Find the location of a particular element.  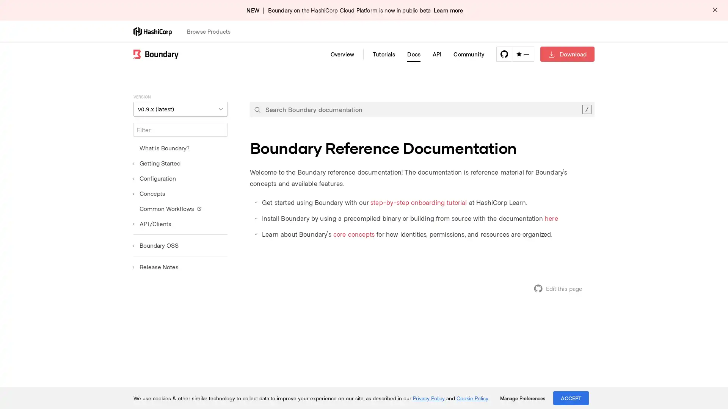

Boundary OSS is located at coordinates (155, 245).